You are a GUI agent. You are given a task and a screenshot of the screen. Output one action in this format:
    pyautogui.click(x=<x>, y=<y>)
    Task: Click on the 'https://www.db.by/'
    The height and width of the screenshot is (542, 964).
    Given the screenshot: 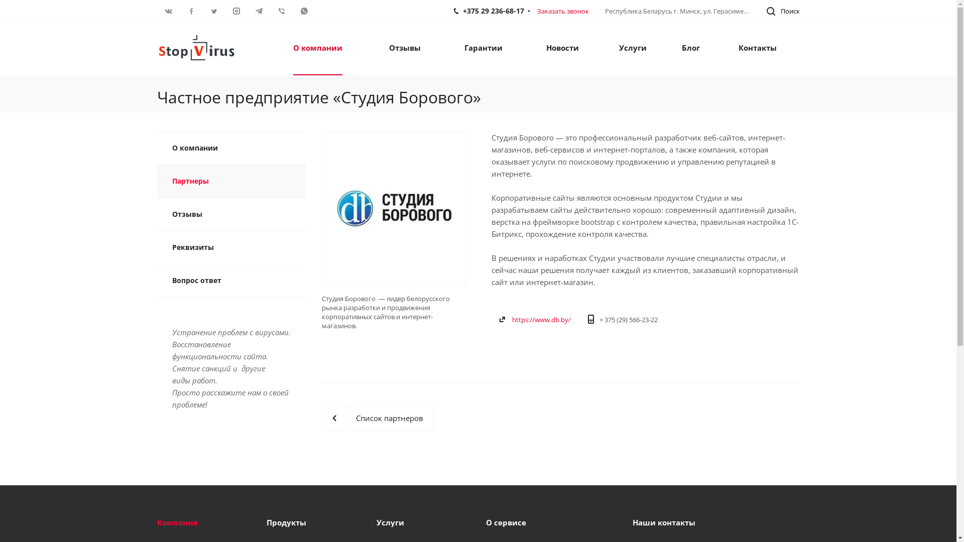 What is the action you would take?
    pyautogui.click(x=541, y=319)
    